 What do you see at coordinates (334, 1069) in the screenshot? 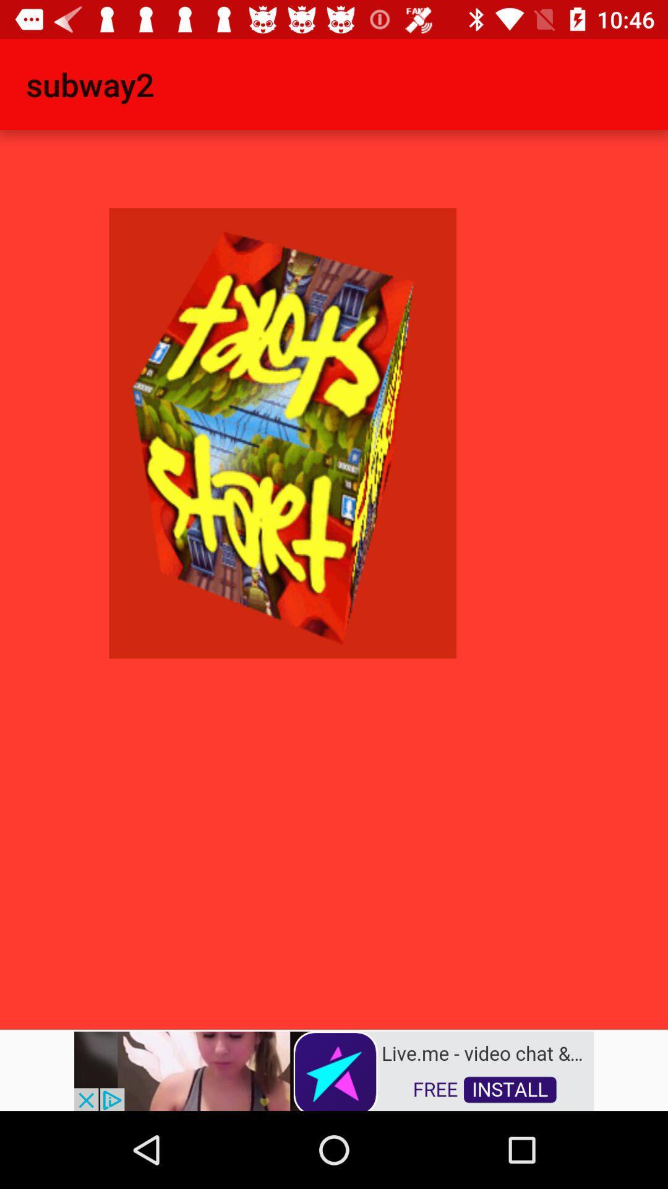
I see `advertisement` at bounding box center [334, 1069].